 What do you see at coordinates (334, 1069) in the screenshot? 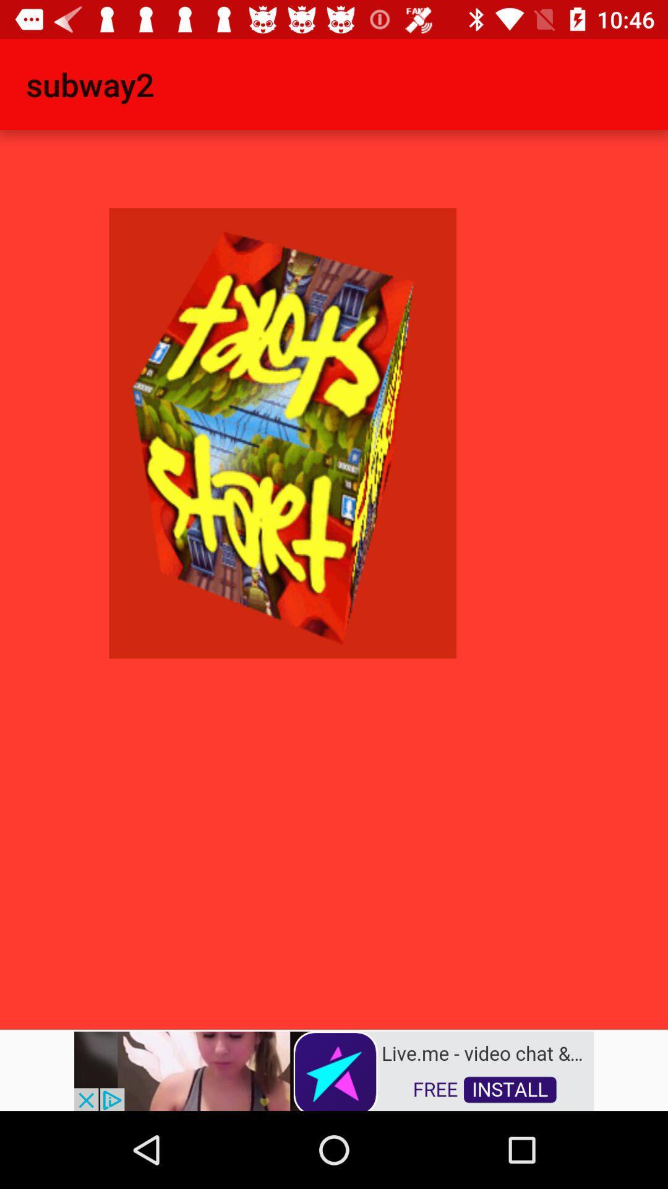
I see `advertisement` at bounding box center [334, 1069].